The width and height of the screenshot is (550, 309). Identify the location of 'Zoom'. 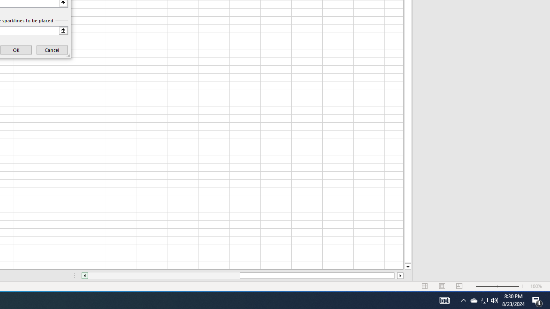
(498, 286).